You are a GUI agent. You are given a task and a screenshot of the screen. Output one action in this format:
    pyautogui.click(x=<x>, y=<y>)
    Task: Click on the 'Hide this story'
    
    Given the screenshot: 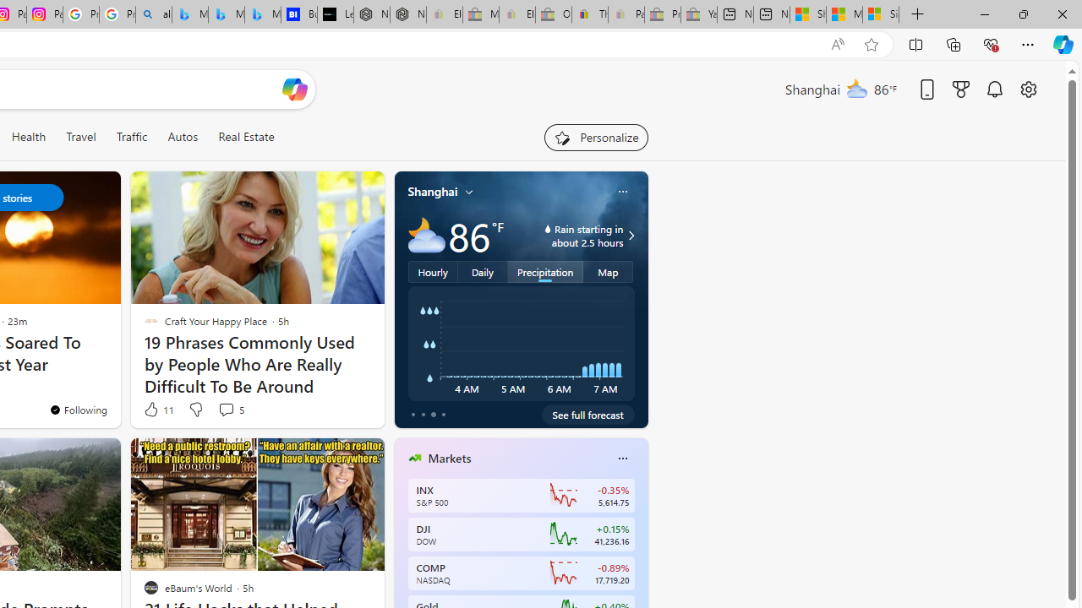 What is the action you would take?
    pyautogui.click(x=333, y=458)
    